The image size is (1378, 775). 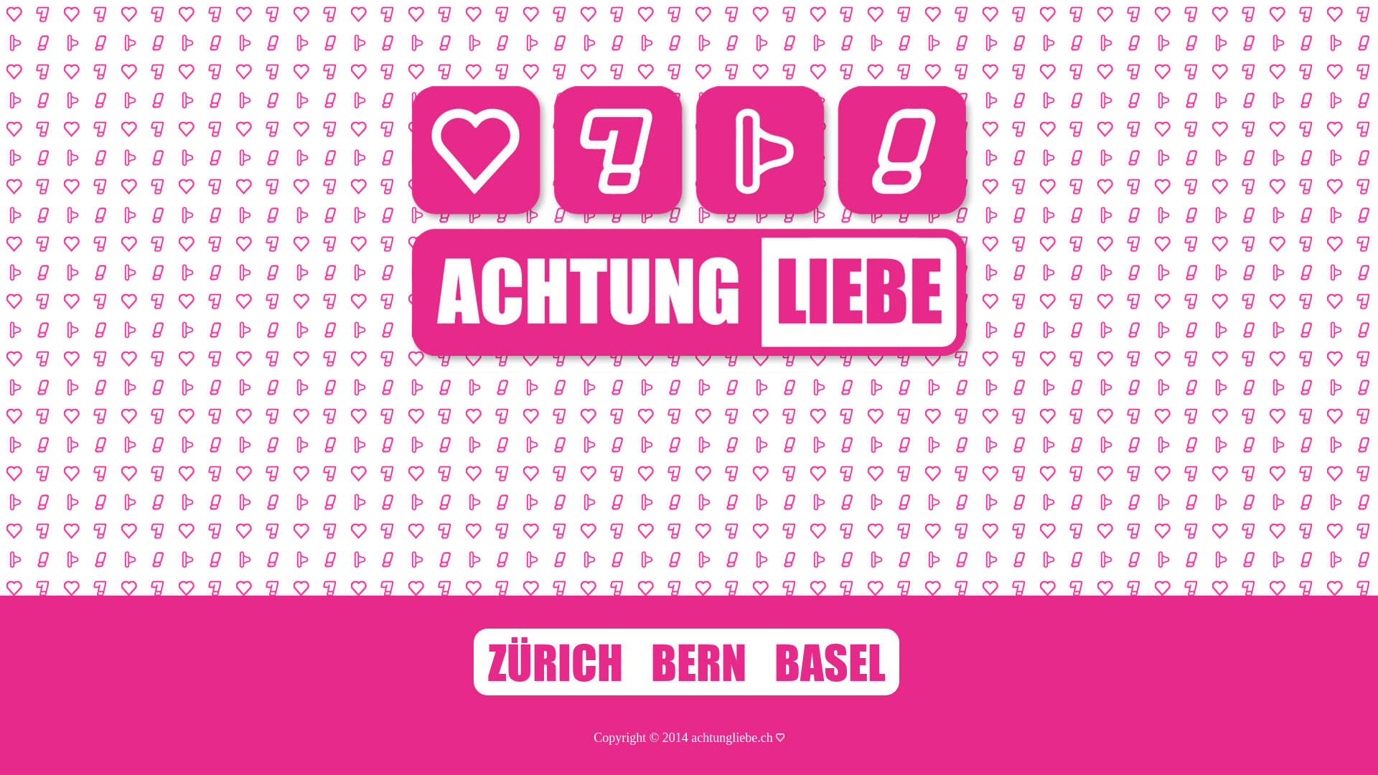 I want to click on 'Zur Seitenadministration', so click(x=779, y=738).